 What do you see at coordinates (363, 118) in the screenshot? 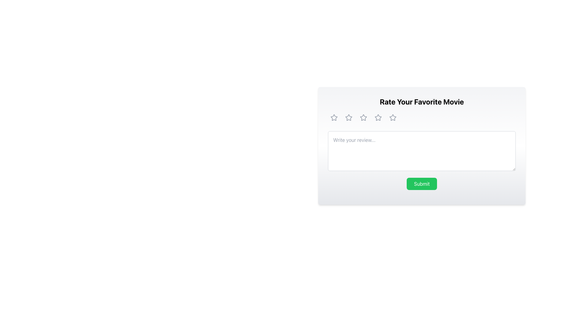
I see `the second star icon in the rating group` at bounding box center [363, 118].